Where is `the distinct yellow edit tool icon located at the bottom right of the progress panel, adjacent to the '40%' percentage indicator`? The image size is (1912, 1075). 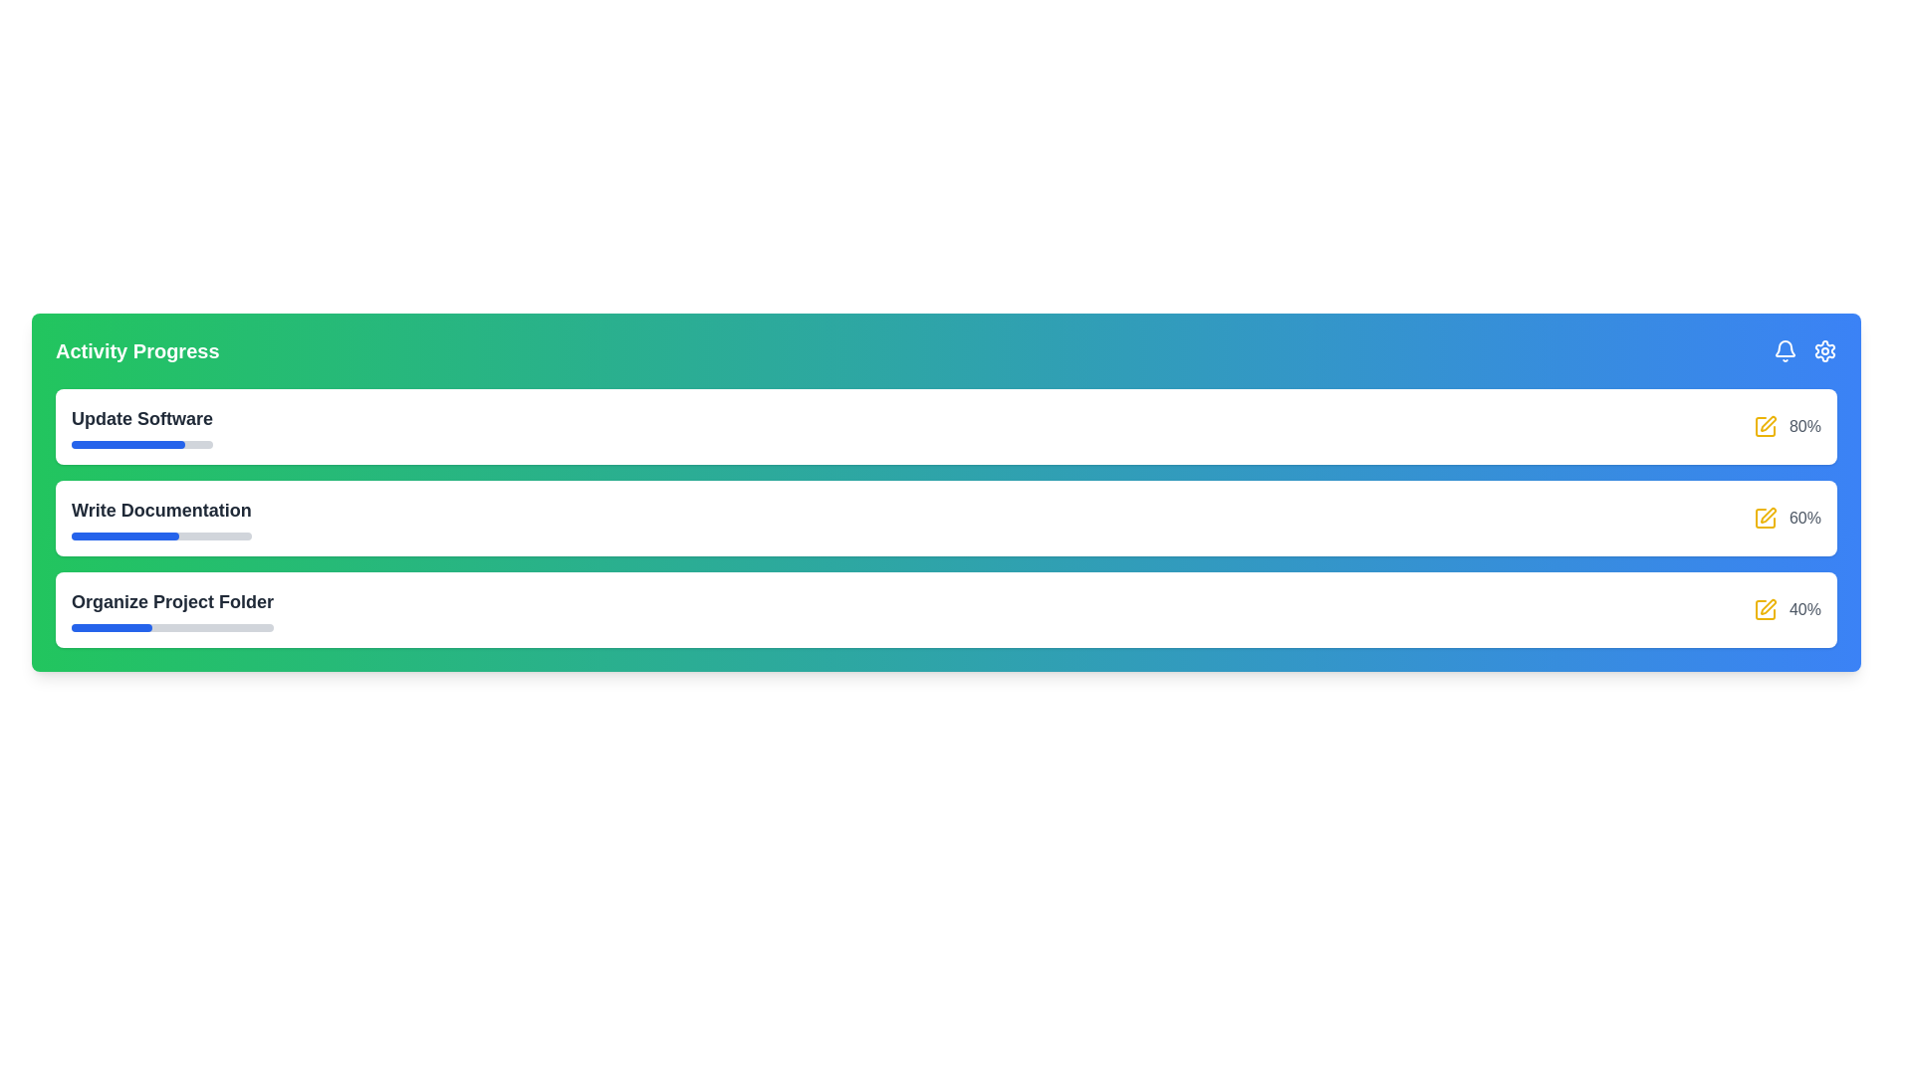
the distinct yellow edit tool icon located at the bottom right of the progress panel, adjacent to the '40%' percentage indicator is located at coordinates (1769, 605).